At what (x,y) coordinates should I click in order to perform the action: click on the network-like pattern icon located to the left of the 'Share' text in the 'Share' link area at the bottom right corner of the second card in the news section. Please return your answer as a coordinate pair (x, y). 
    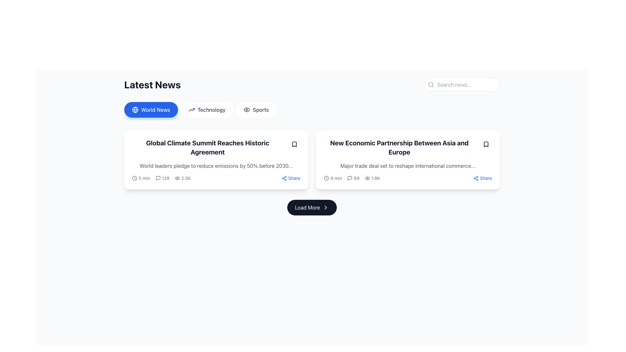
    Looking at the image, I should click on (284, 178).